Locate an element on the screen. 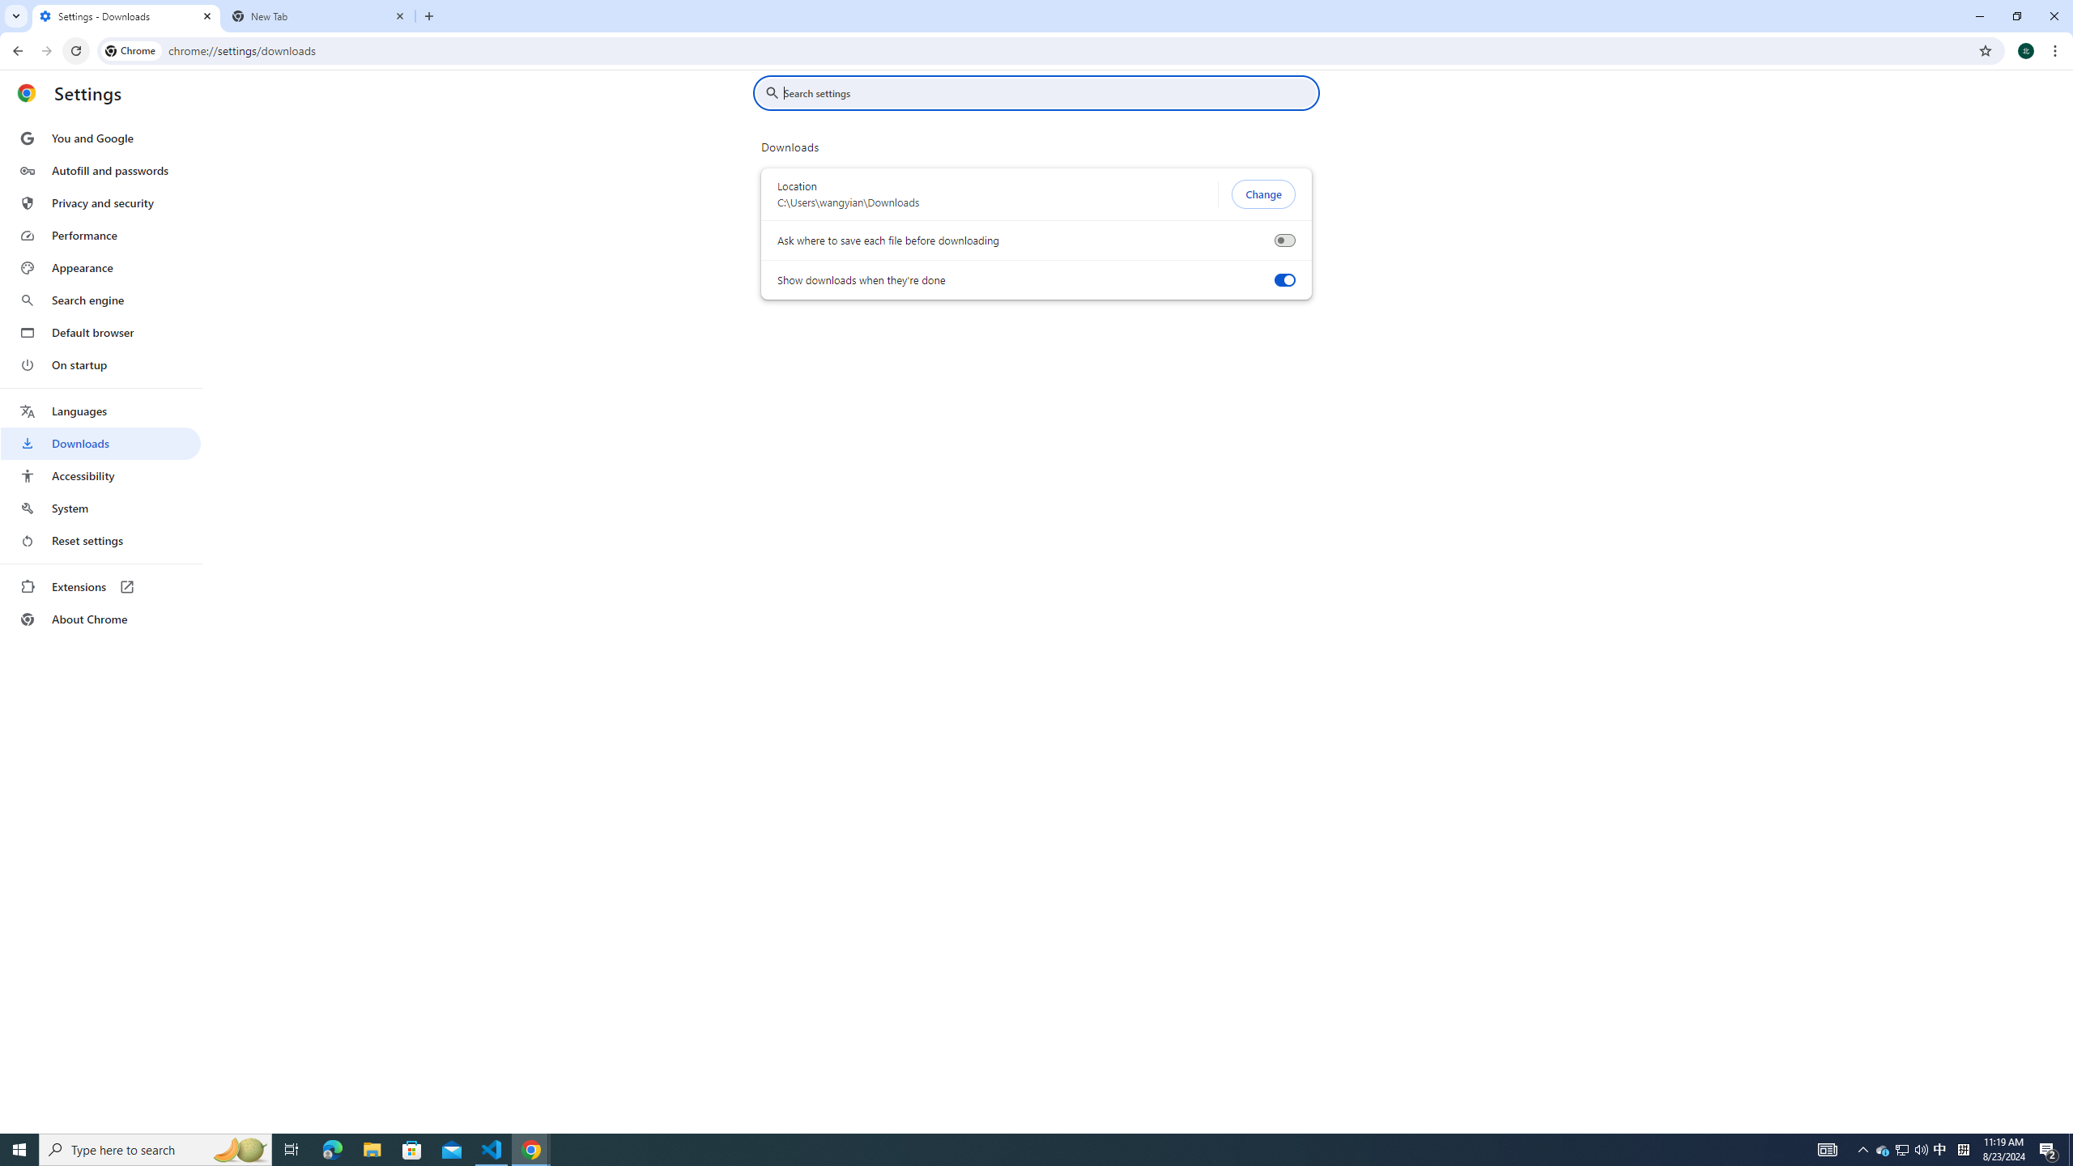 The height and width of the screenshot is (1166, 2073). 'Performance' is located at coordinates (100, 235).